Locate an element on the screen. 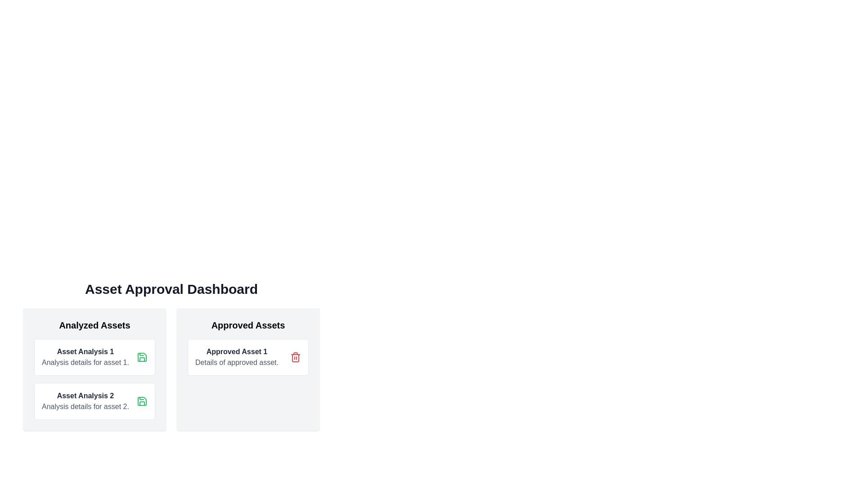  the 'Asset Analysis 2' text label, which is styled in bold and dark gray, located in the 'Analyzed Assets' section of the 'Asset Approval Dashboard.' is located at coordinates (85, 395).